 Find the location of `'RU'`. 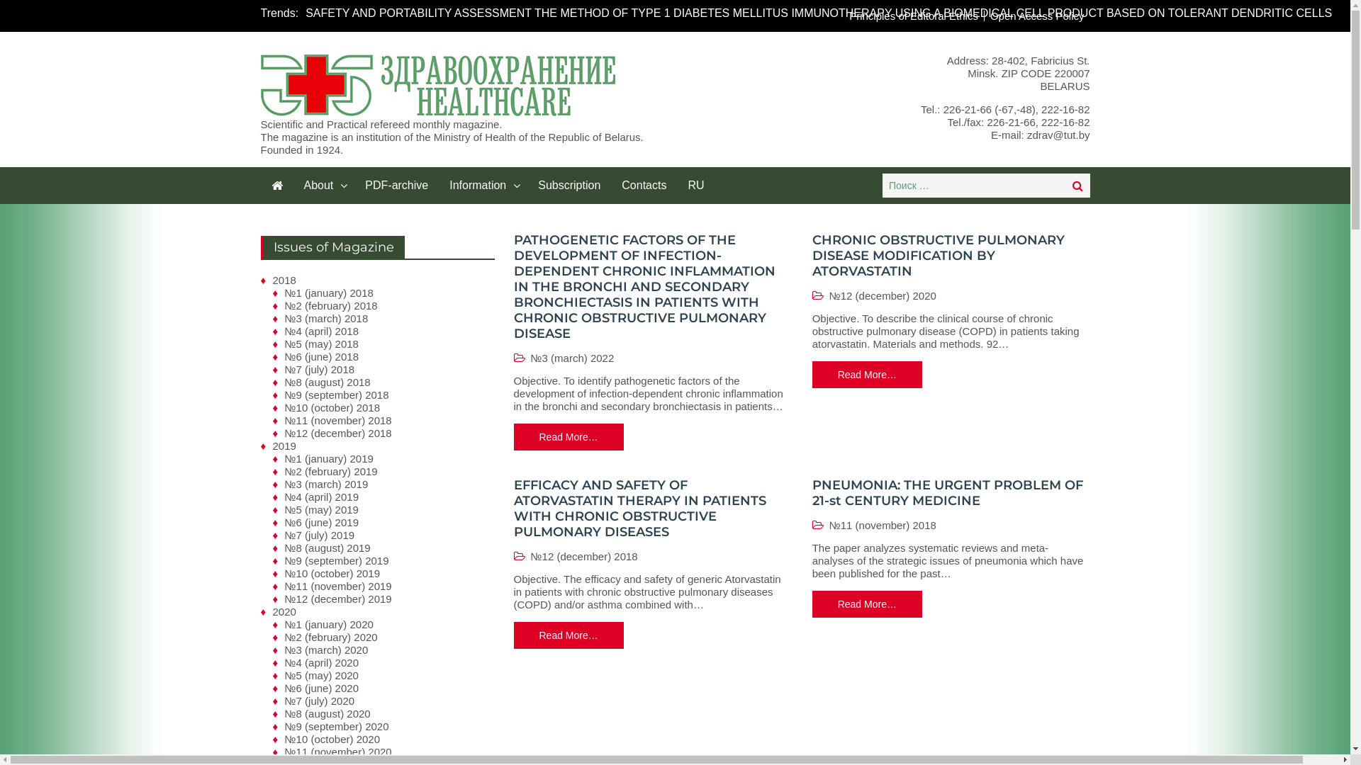

'RU' is located at coordinates (695, 185).